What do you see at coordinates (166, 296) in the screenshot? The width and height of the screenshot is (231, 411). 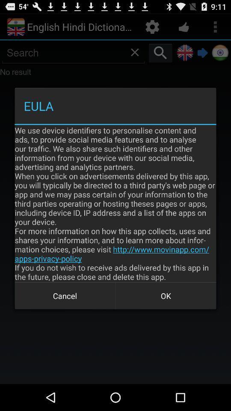 I see `the button next to cancel item` at bounding box center [166, 296].